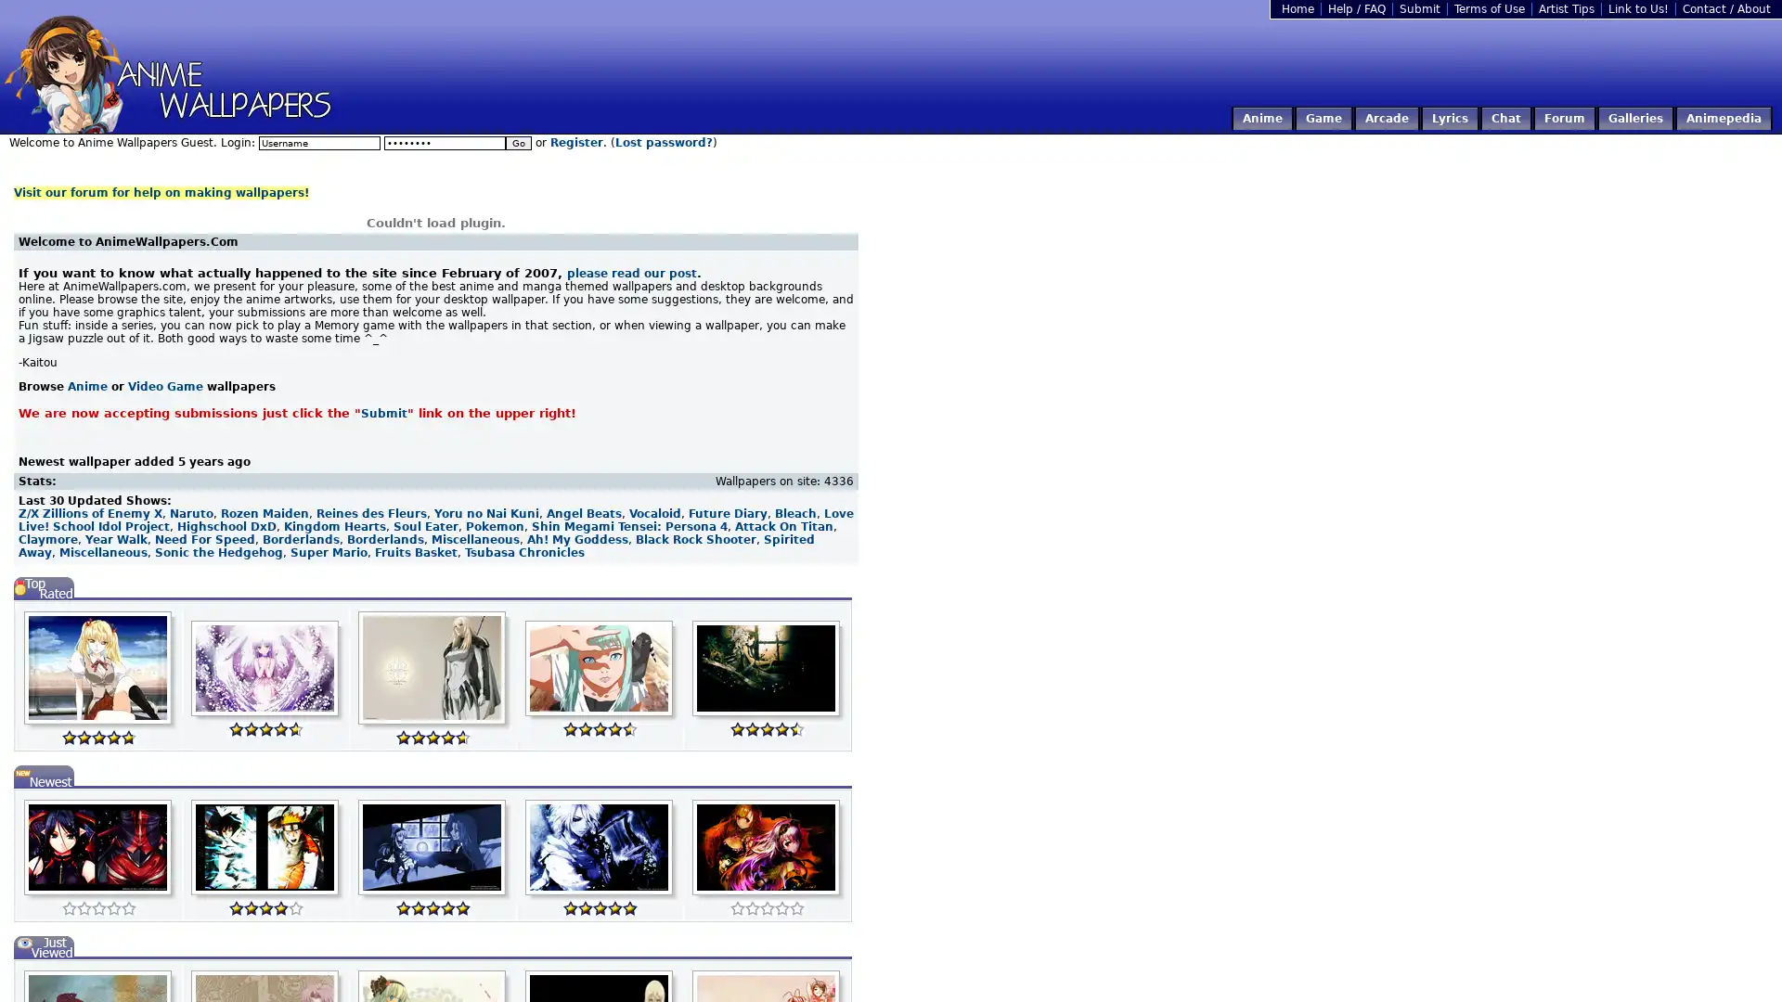 The height and width of the screenshot is (1002, 1782). I want to click on Go, so click(518, 142).